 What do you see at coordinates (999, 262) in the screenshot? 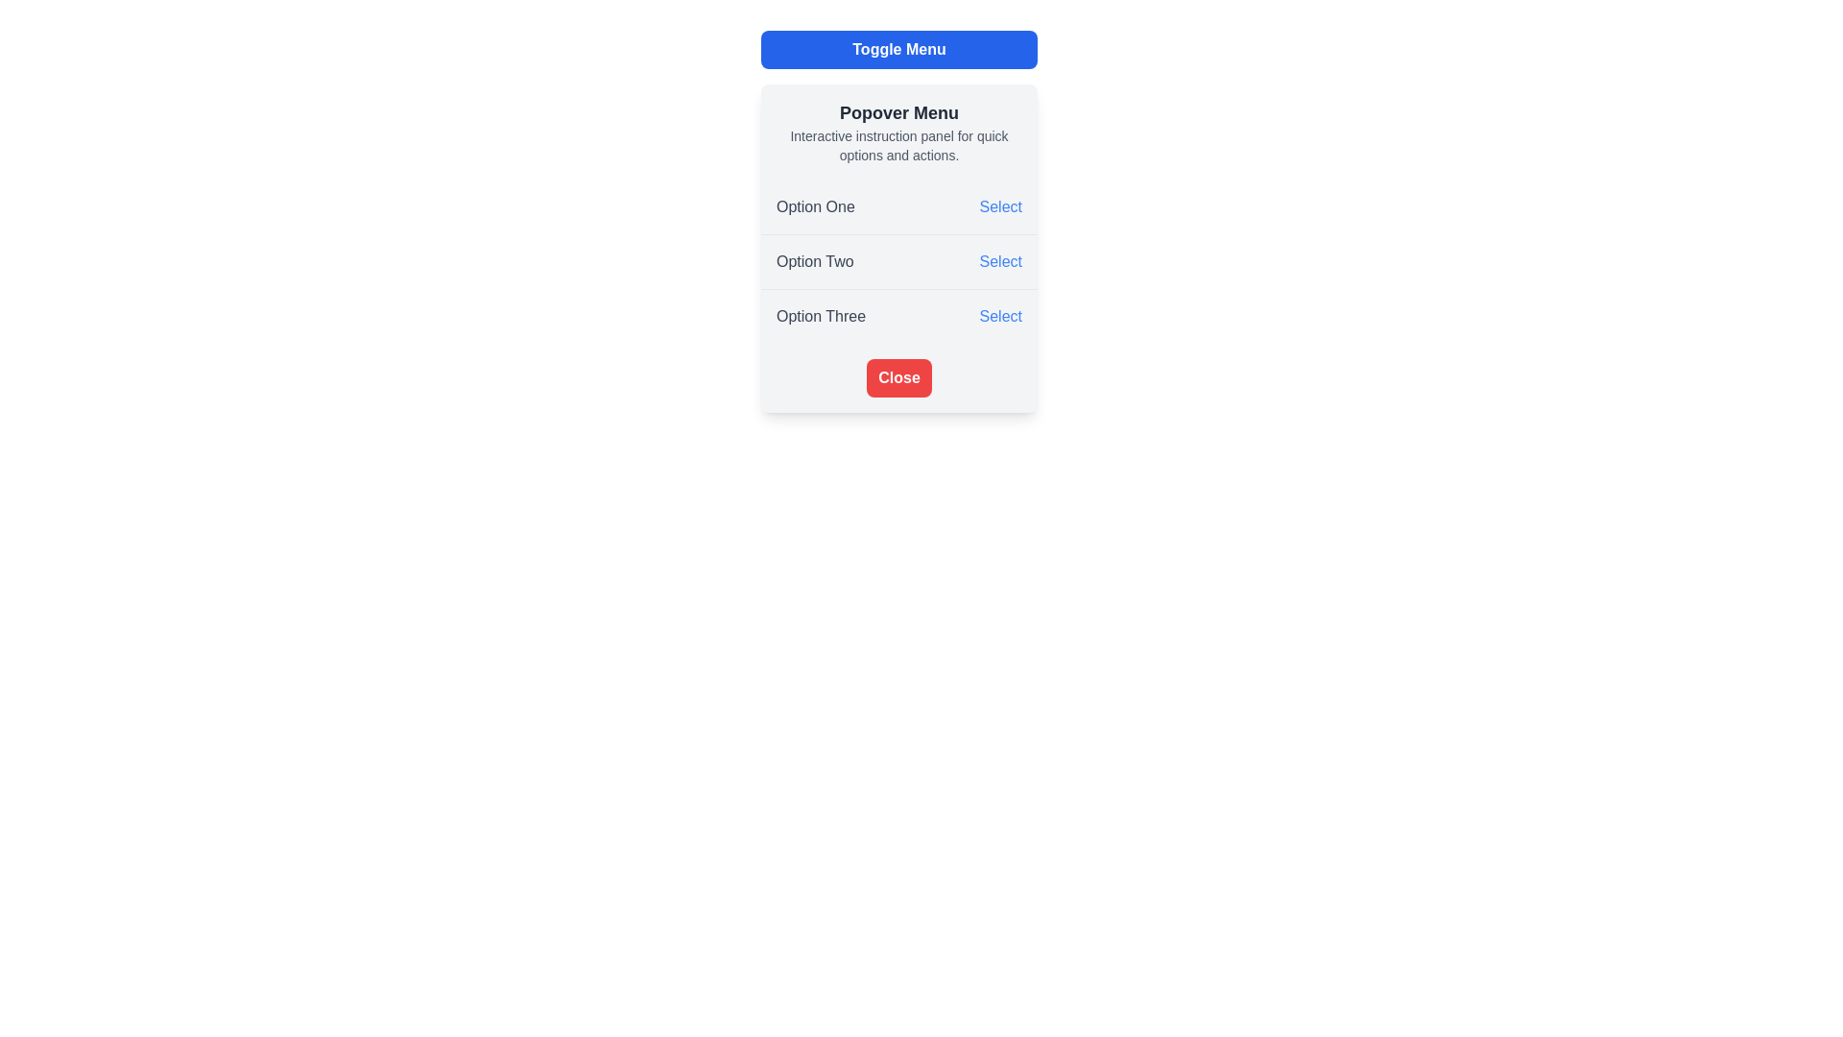
I see `the selectable button aligned to the right side of 'Option Two' in the 'Popover Menu' to change its visual appearance` at bounding box center [999, 262].